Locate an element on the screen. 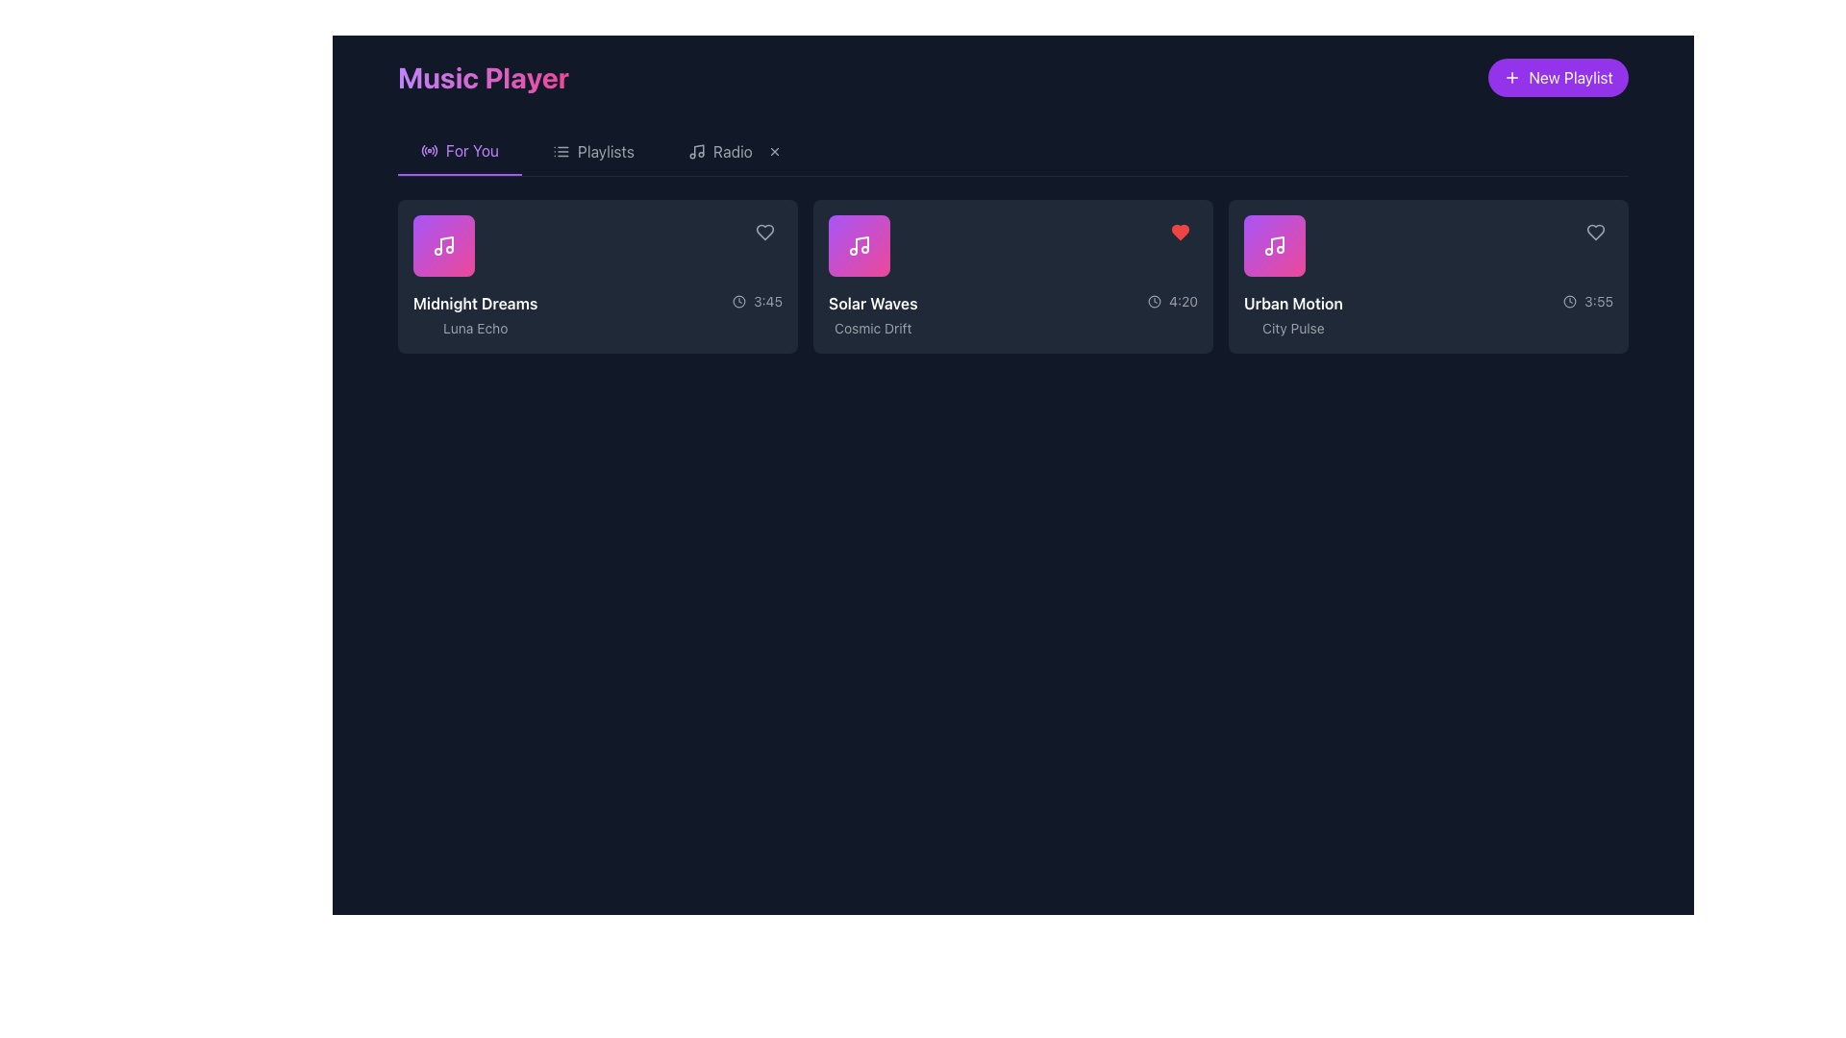 Image resolution: width=1846 pixels, height=1038 pixels. the Label with icon displaying '4:20' next to the red heart icon in the lower right part of the card for the song 'Solar Waves' is located at coordinates (1171, 301).